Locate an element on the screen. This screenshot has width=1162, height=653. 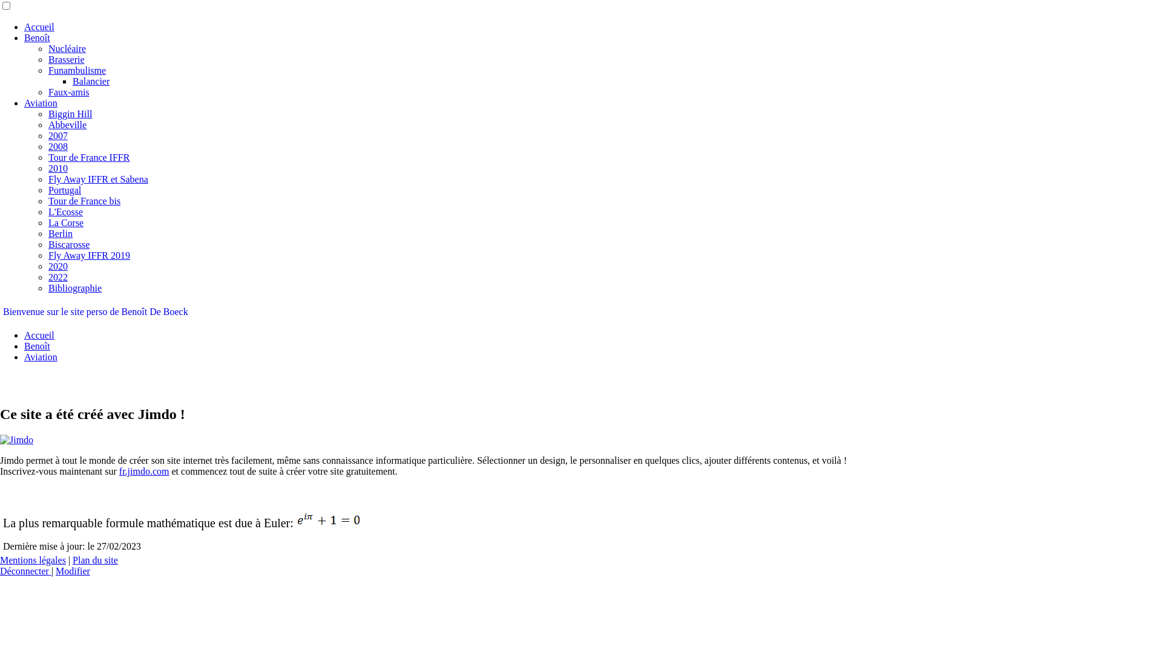
'Accueil' is located at coordinates (39, 27).